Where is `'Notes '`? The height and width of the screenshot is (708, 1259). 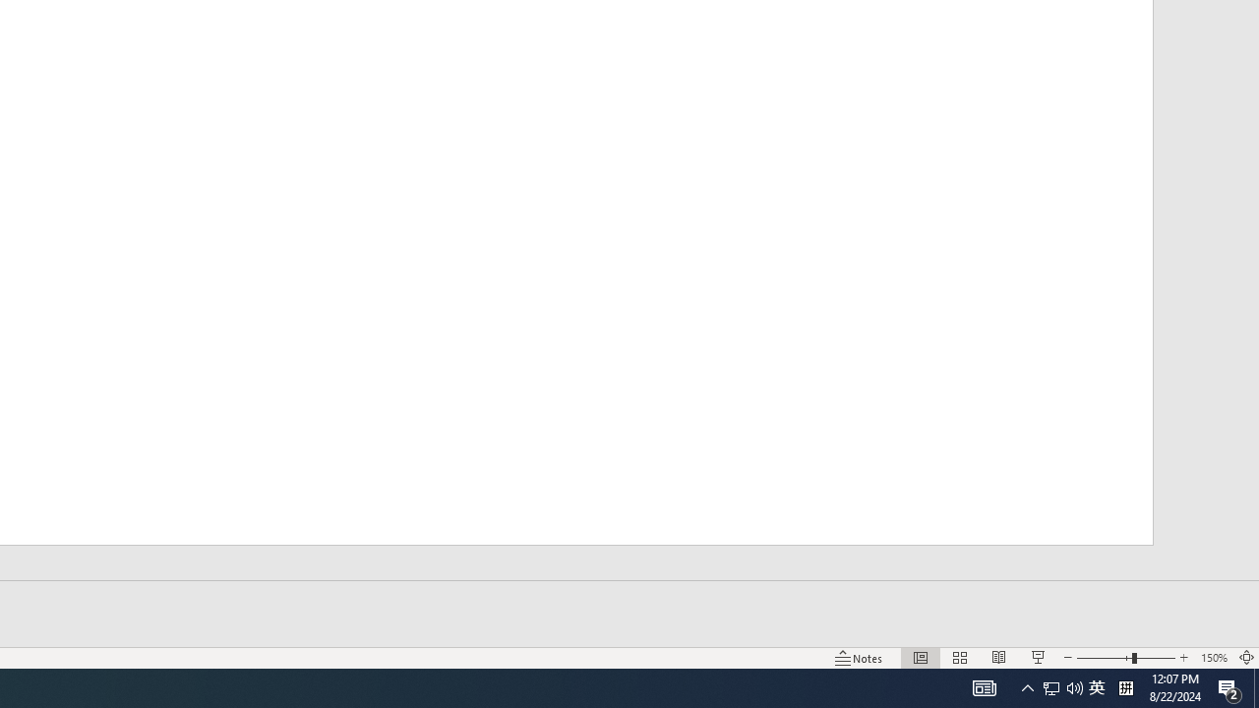
'Notes ' is located at coordinates (860, 658).